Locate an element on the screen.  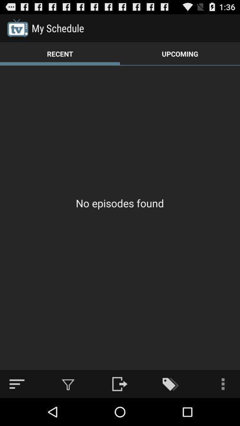
the icon above no episodes found app is located at coordinates (60, 53).